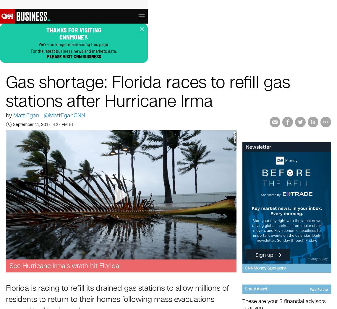 This screenshot has width=337, height=309. I want to click on 'thanks for visiting cnnmoney.', so click(73, 33).